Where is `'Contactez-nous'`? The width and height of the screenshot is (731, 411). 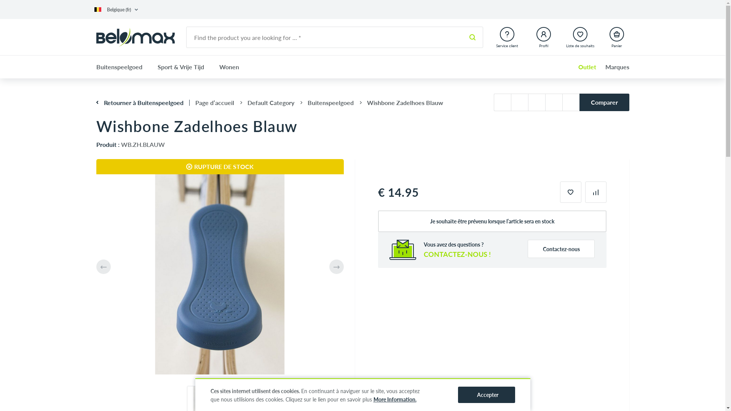 'Contactez-nous' is located at coordinates (527, 249).